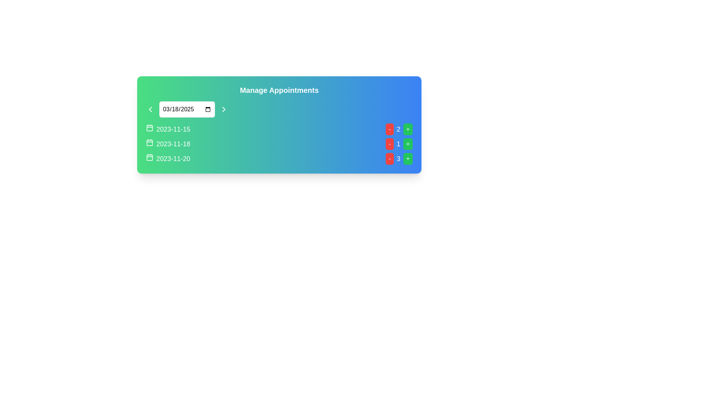 The image size is (708, 398). I want to click on the second date entry button in the left section of the interface, so click(168, 144).